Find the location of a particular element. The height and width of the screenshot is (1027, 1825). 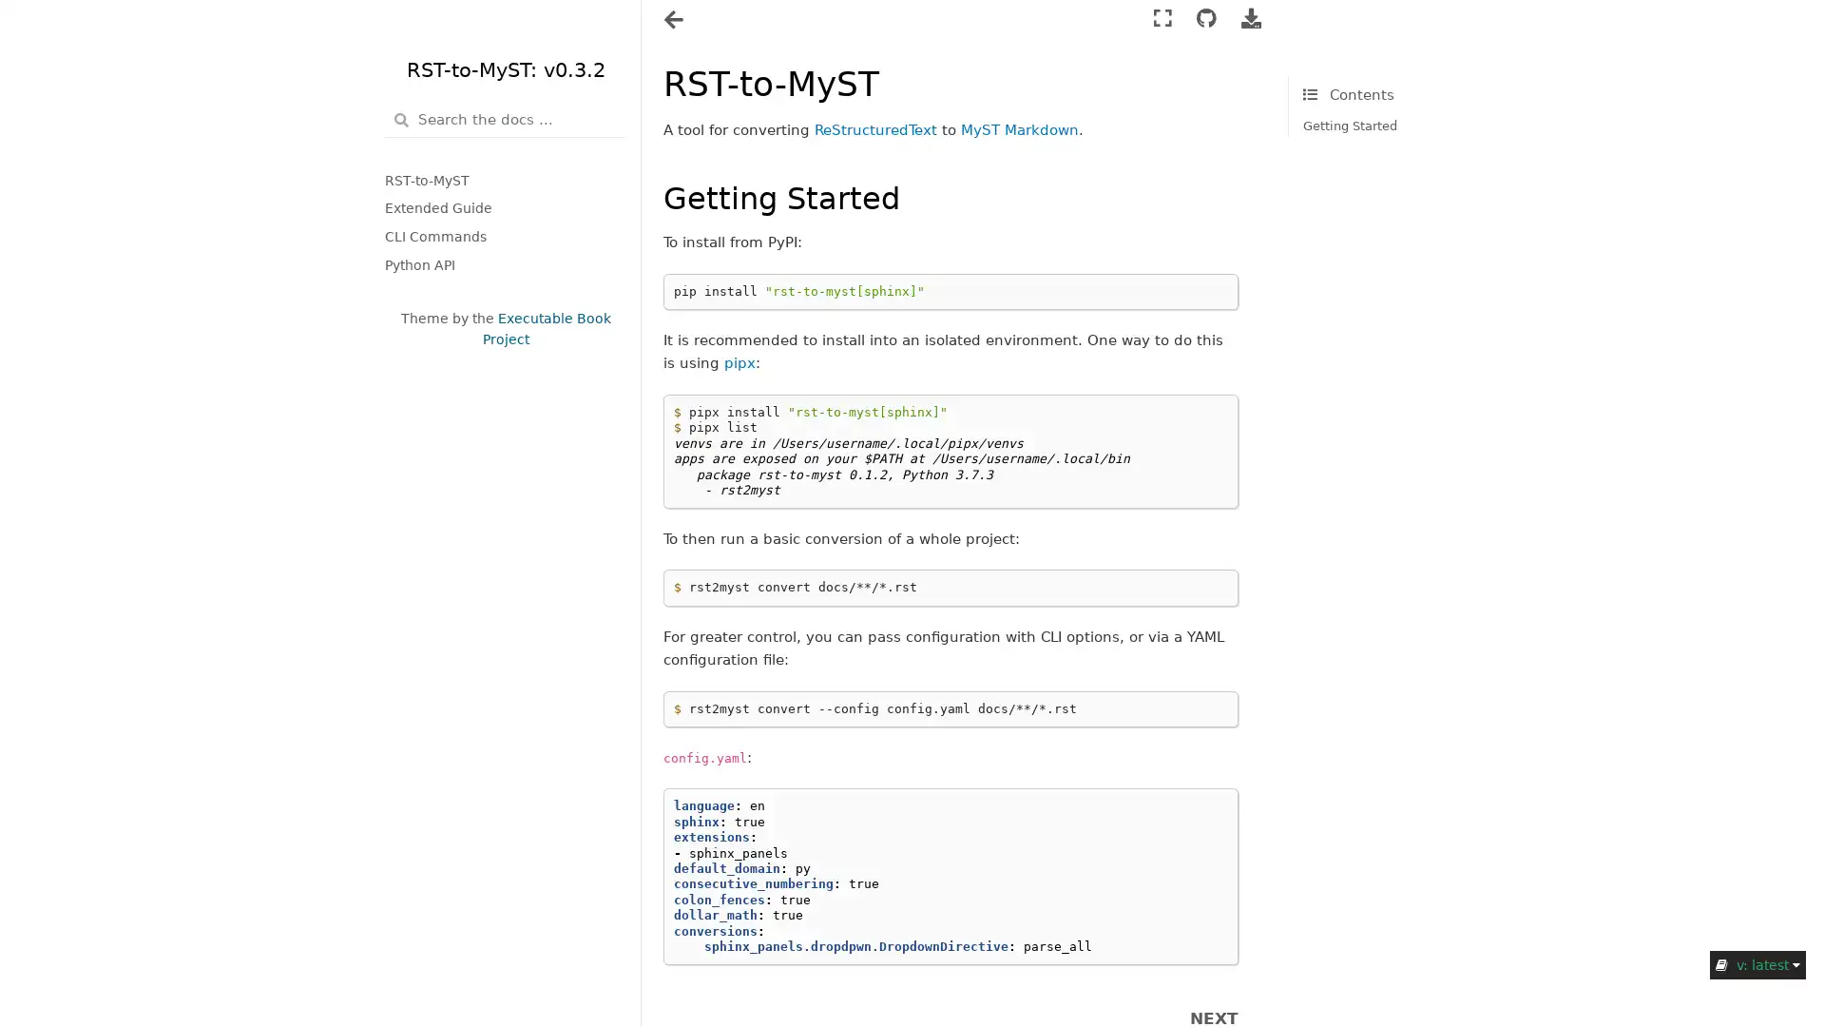

Connect with source repository is located at coordinates (1204, 19).